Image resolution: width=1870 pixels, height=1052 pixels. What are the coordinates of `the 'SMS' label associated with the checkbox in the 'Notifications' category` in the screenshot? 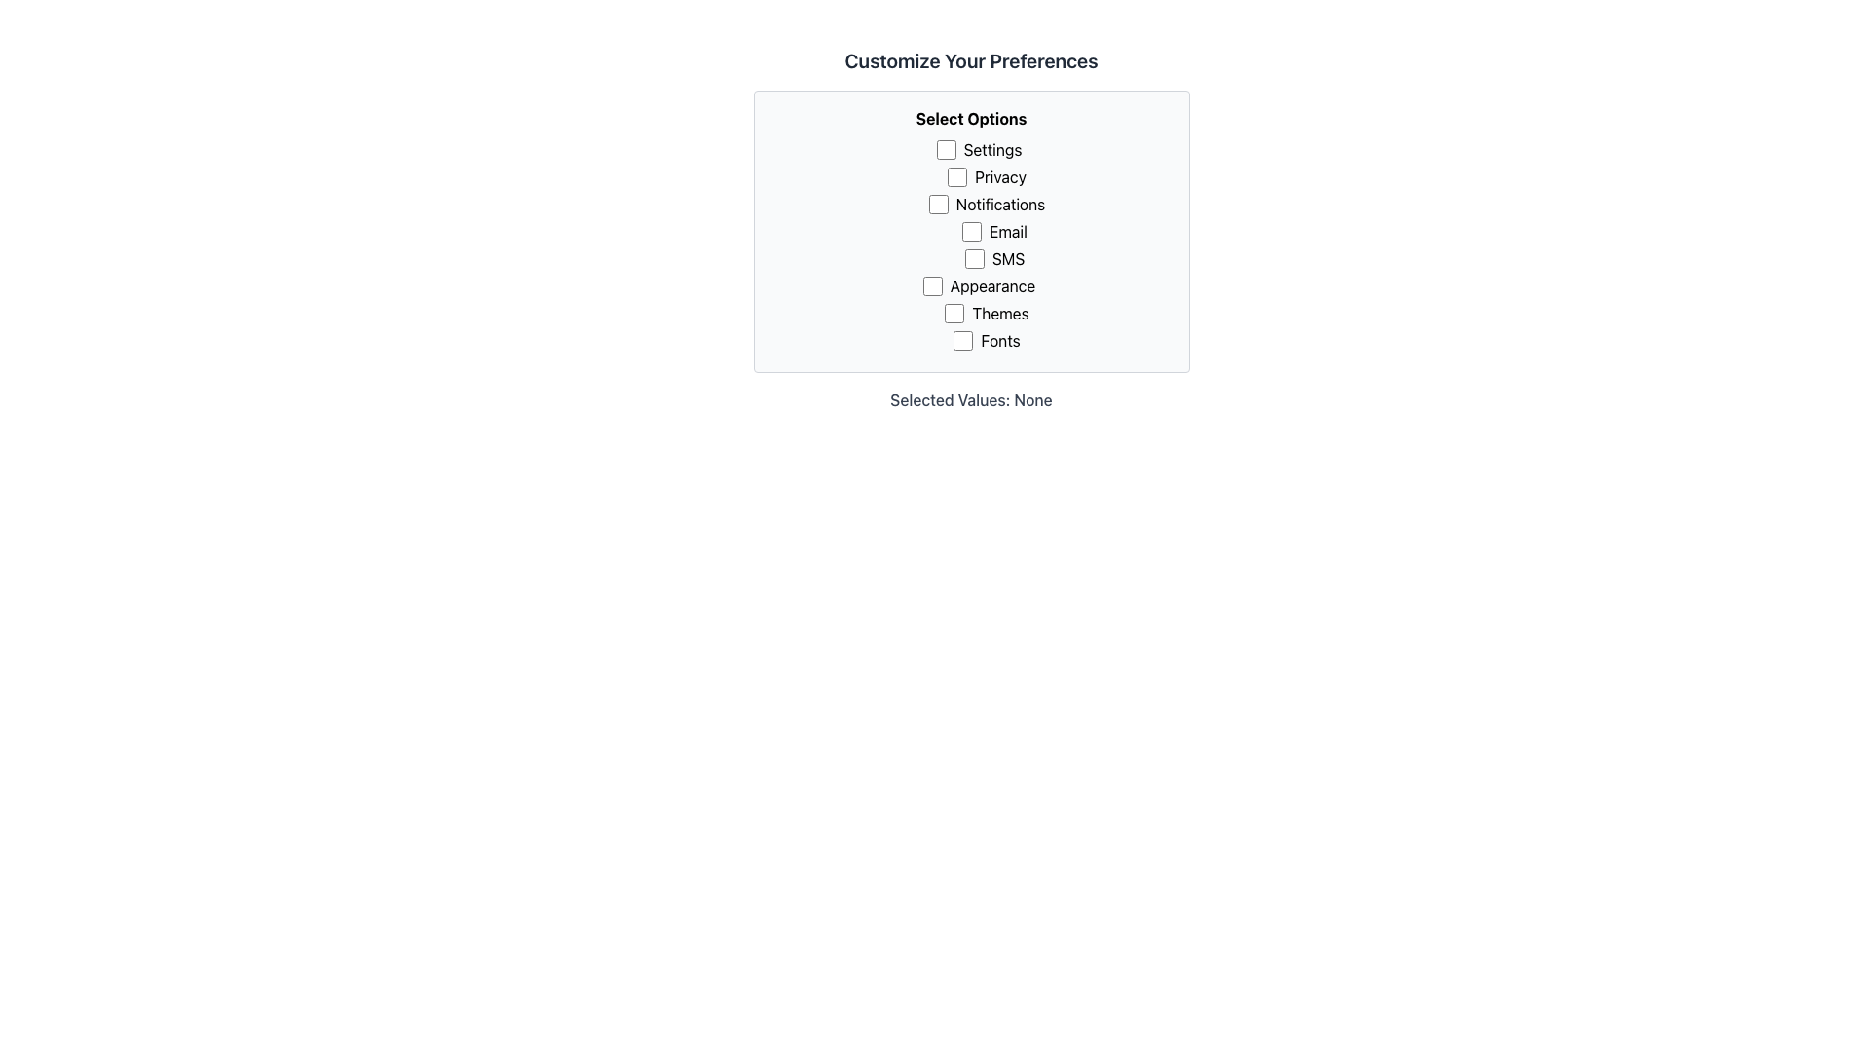 It's located at (994, 259).